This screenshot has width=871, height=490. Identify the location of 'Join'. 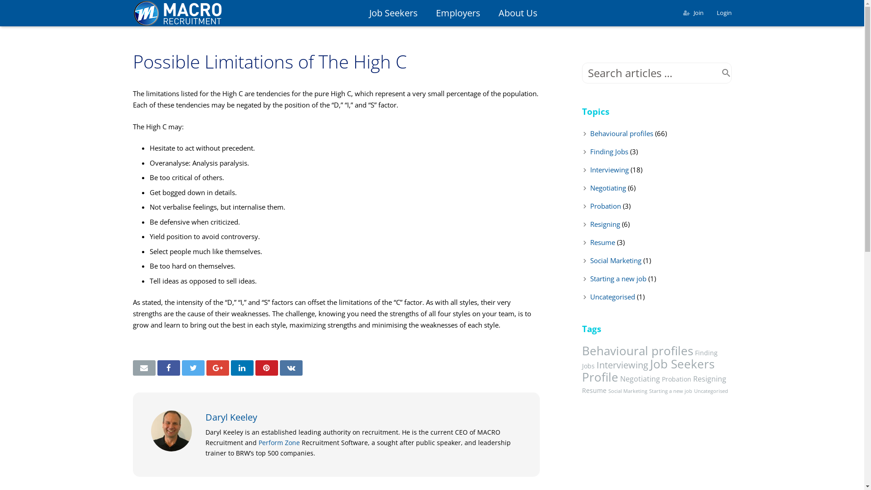
(693, 12).